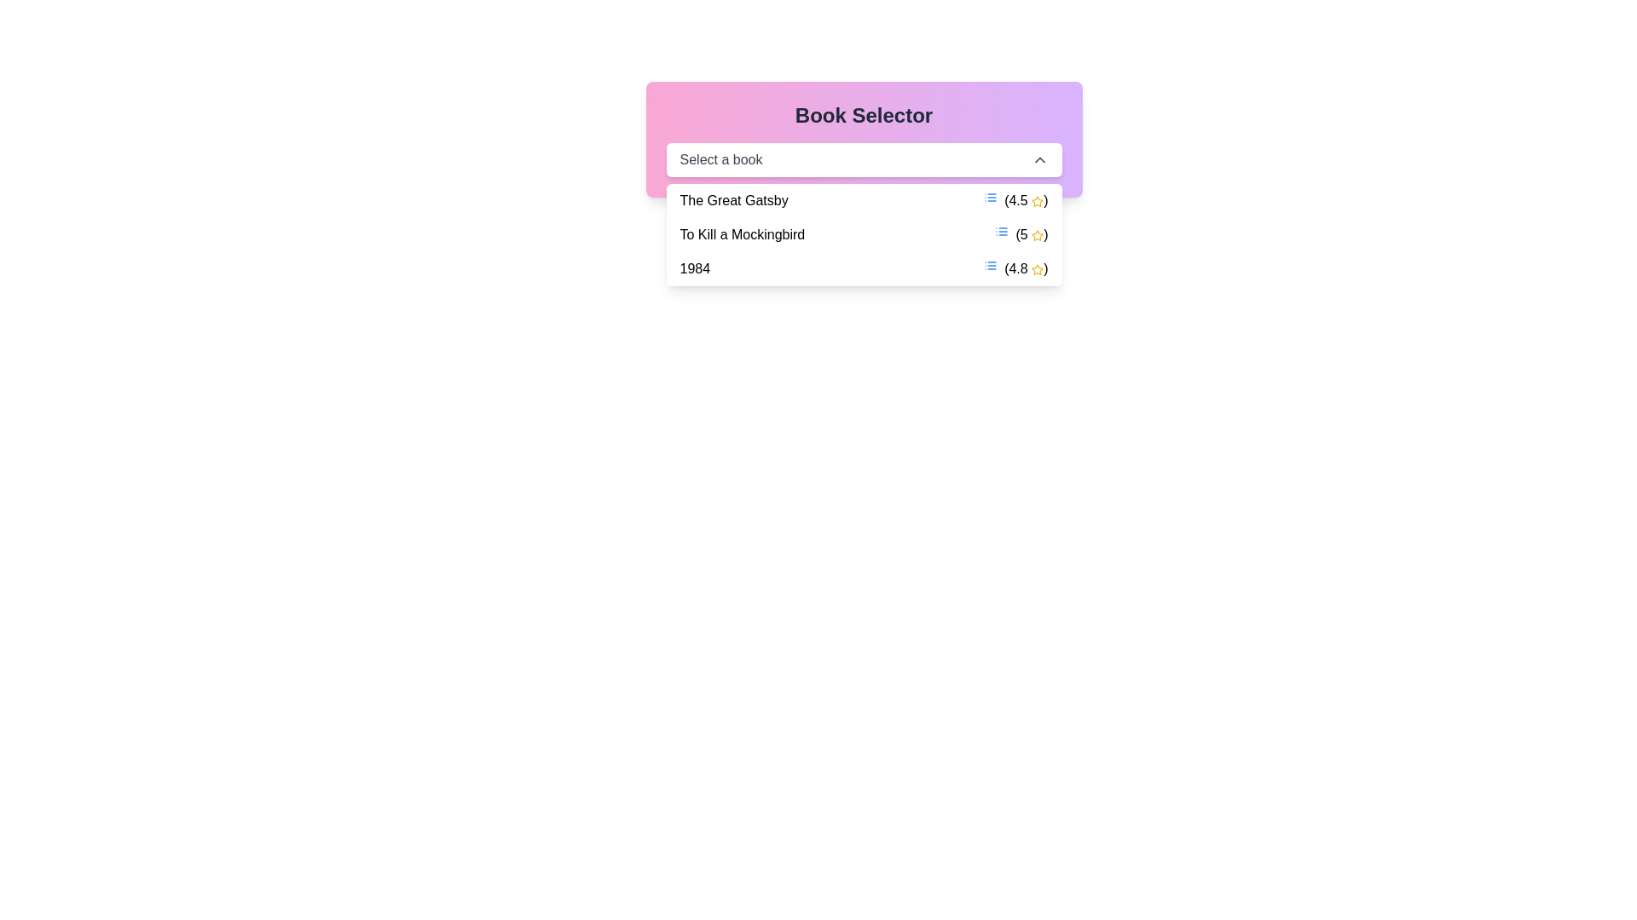  What do you see at coordinates (1021, 235) in the screenshot?
I see `the Rating indicator for the book 'To Kill a Mockingbird', which is positioned in the second row of the book list, adjacent to a blue list icon and a star icon` at bounding box center [1021, 235].